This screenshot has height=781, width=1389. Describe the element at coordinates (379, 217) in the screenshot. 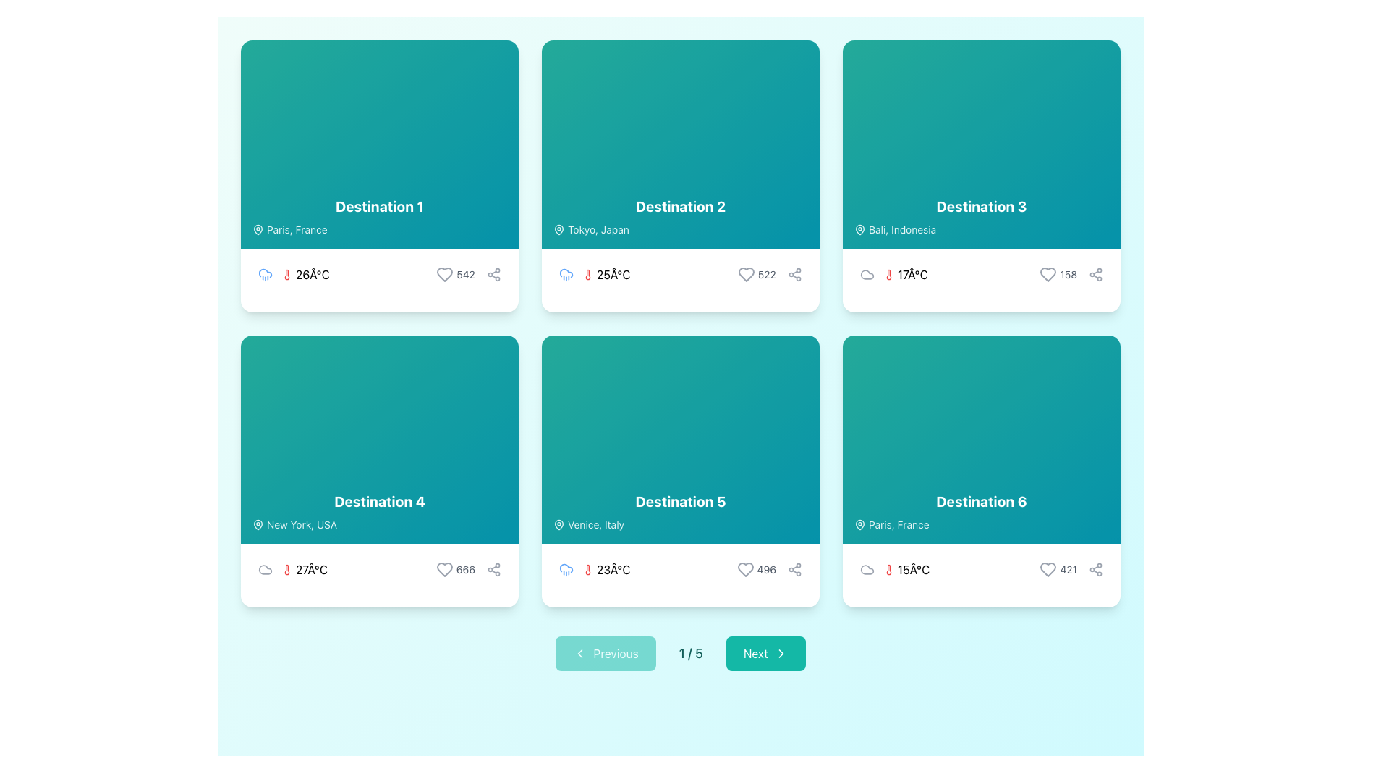

I see `the Informative Text Cluster displaying 'Destination 1' and 'Paris, France' for potential tooltips` at that location.